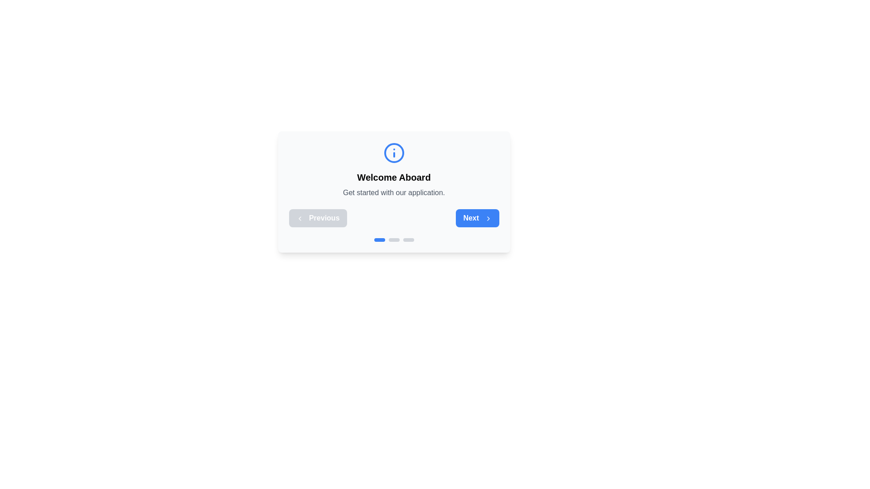 The width and height of the screenshot is (870, 489). I want to click on the information icon located at the top-center of the card interface, above the 'Welcome Aboard' text, so click(394, 153).